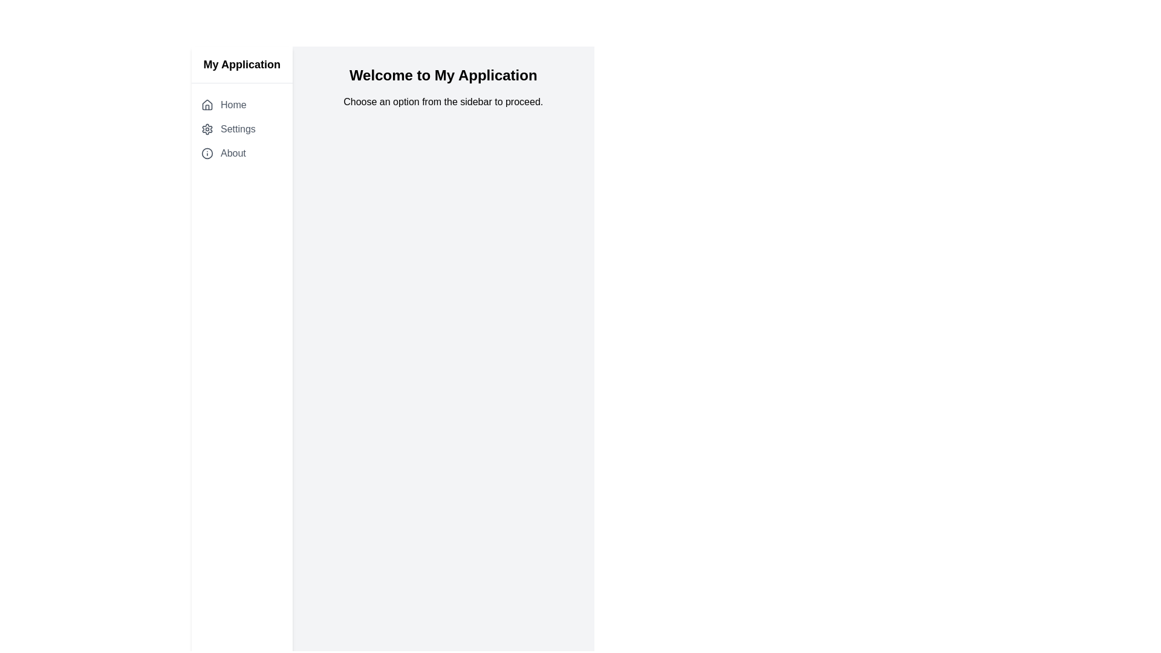 The image size is (1161, 653). I want to click on the 'Home' icon in the sidebar menu, which serves as a visual cue for the 'Home' option and is the first item in the list, so click(207, 104).